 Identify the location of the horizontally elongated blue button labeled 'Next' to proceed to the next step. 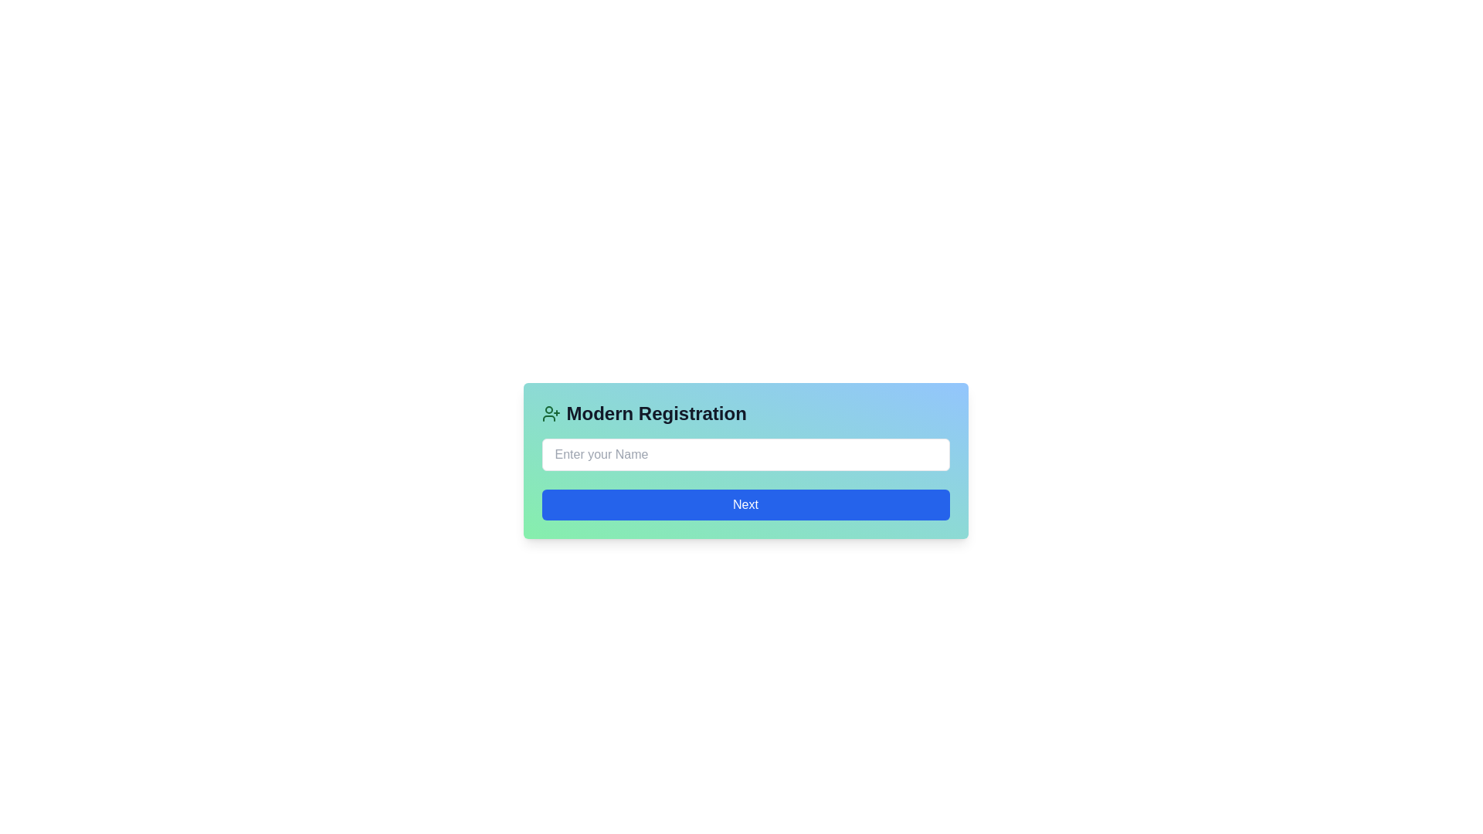
(745, 505).